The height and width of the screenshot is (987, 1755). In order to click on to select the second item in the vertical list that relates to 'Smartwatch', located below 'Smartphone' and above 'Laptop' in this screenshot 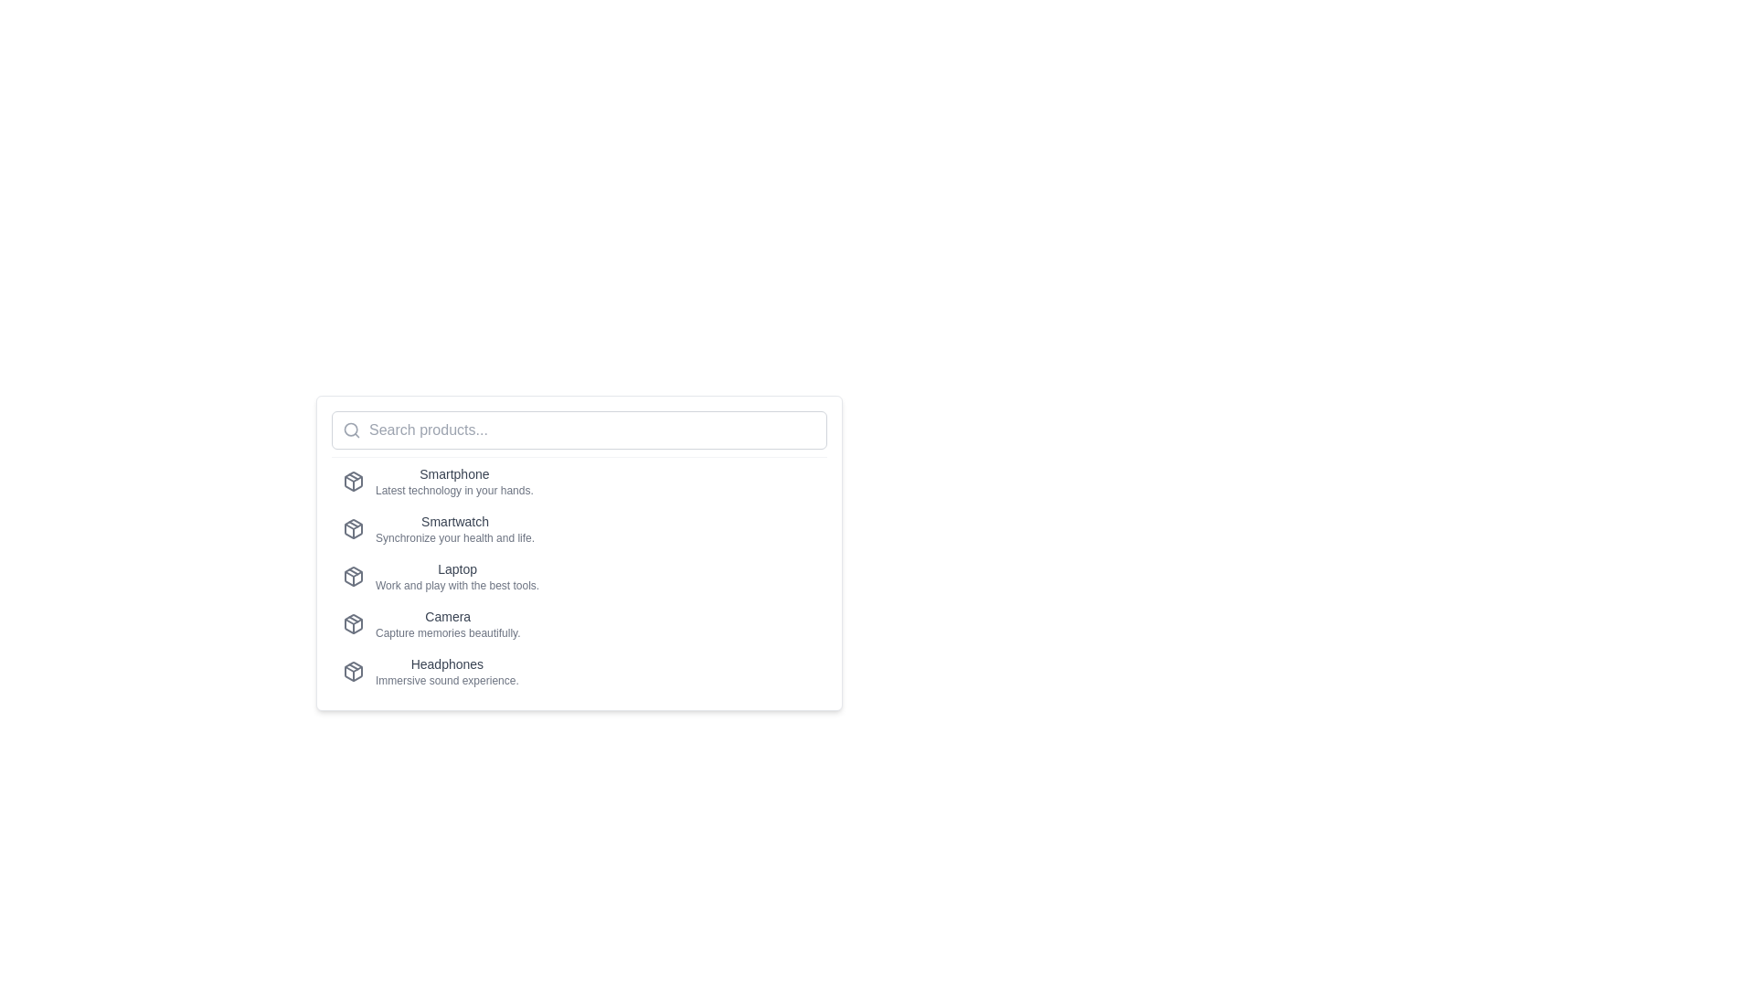, I will do `click(578, 528)`.